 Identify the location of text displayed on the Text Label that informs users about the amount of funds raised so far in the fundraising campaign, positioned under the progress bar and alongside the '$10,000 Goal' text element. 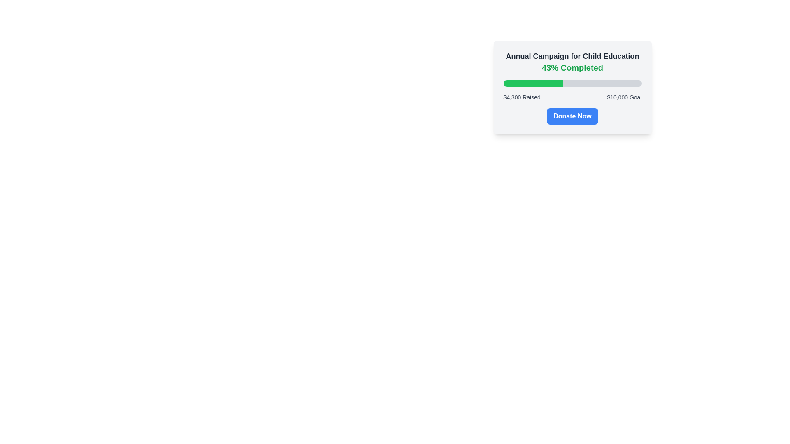
(521, 97).